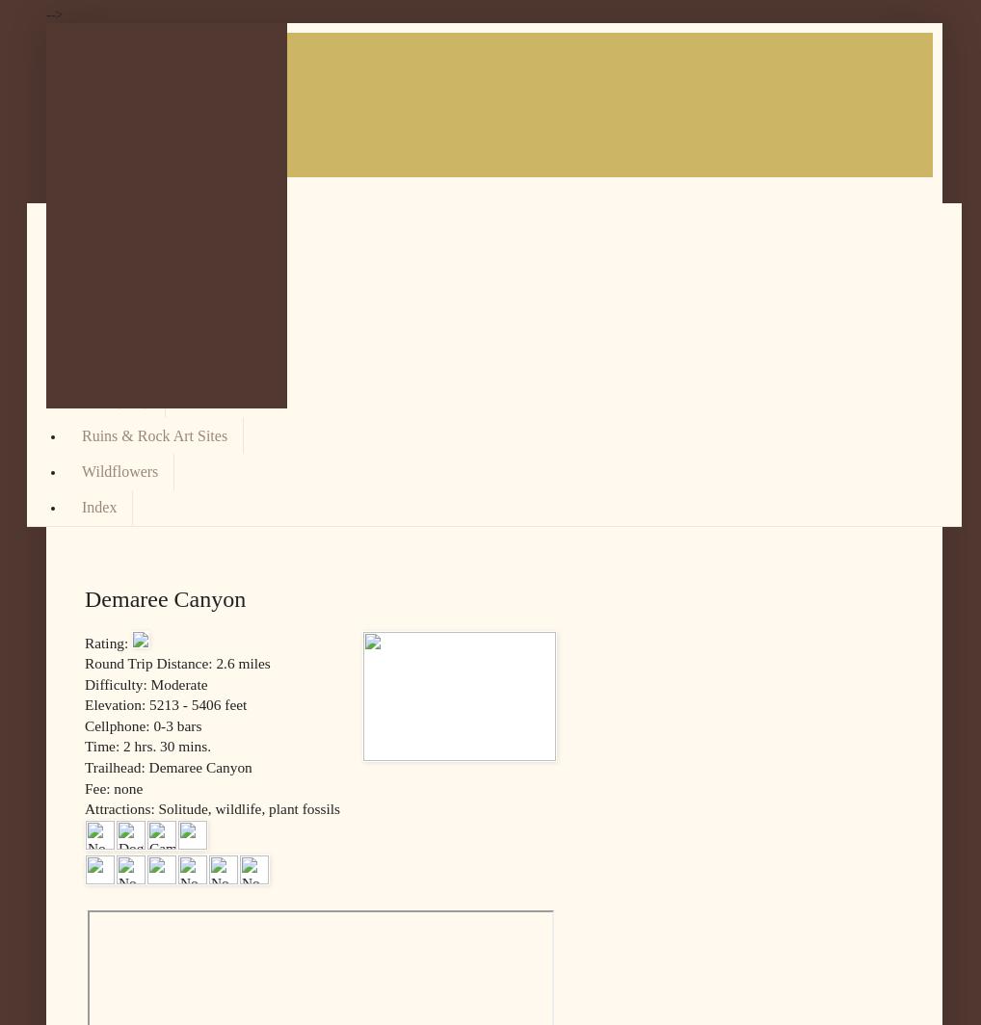 This screenshot has width=981, height=1025. I want to click on 'Nevada (33)', so click(119, 328).